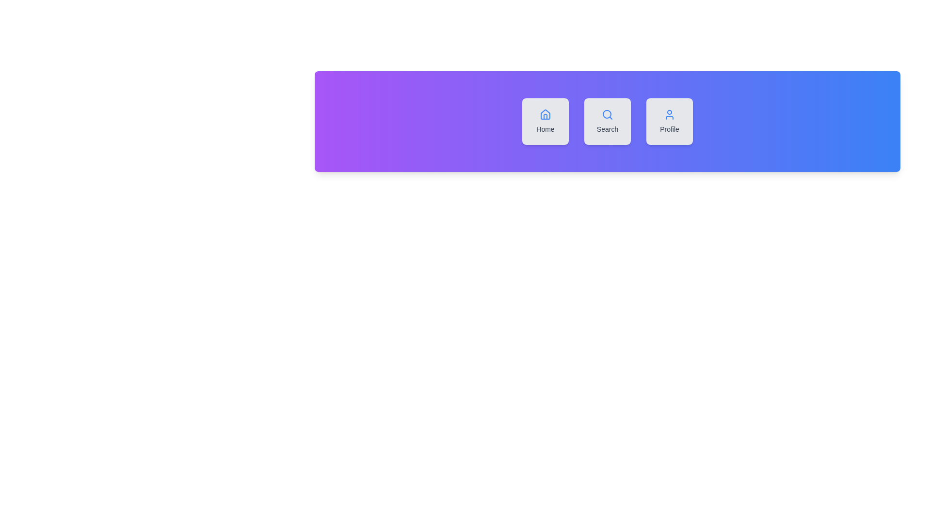 The width and height of the screenshot is (931, 523). What do you see at coordinates (607, 121) in the screenshot?
I see `the 'Search' button, which is a square button with a light gray background and a magnifying glass icon` at bounding box center [607, 121].